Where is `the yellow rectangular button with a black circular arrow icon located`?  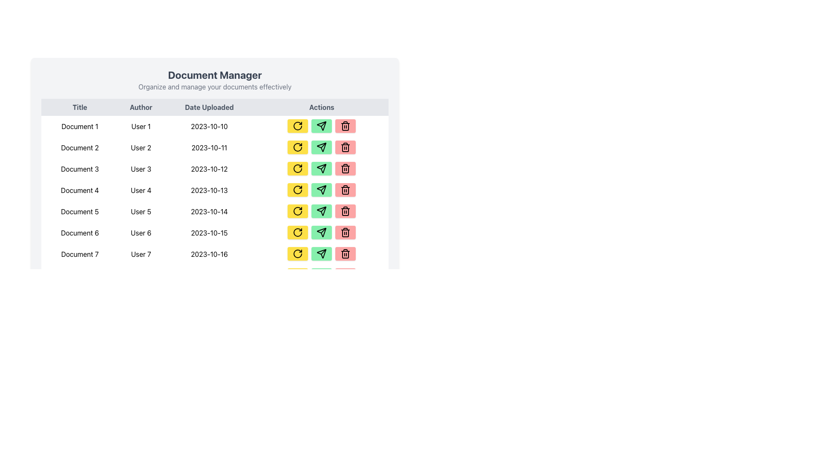
the yellow rectangular button with a black circular arrow icon located is located at coordinates (298, 169).